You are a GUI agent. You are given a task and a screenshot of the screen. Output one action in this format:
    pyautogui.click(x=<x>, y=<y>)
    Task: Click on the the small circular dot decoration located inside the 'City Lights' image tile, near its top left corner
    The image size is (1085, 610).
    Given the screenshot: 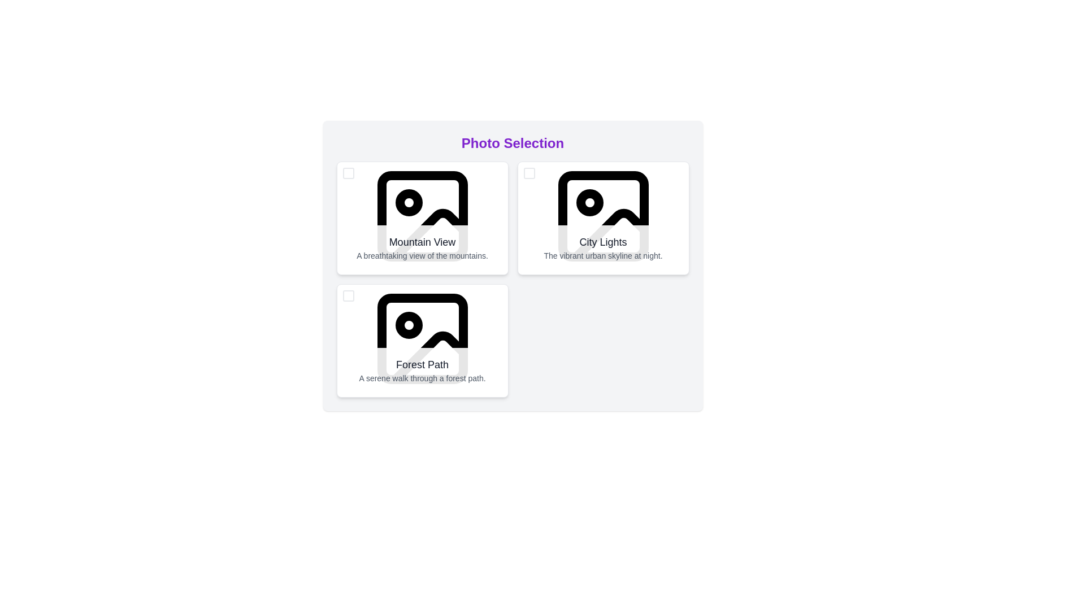 What is the action you would take?
    pyautogui.click(x=589, y=202)
    